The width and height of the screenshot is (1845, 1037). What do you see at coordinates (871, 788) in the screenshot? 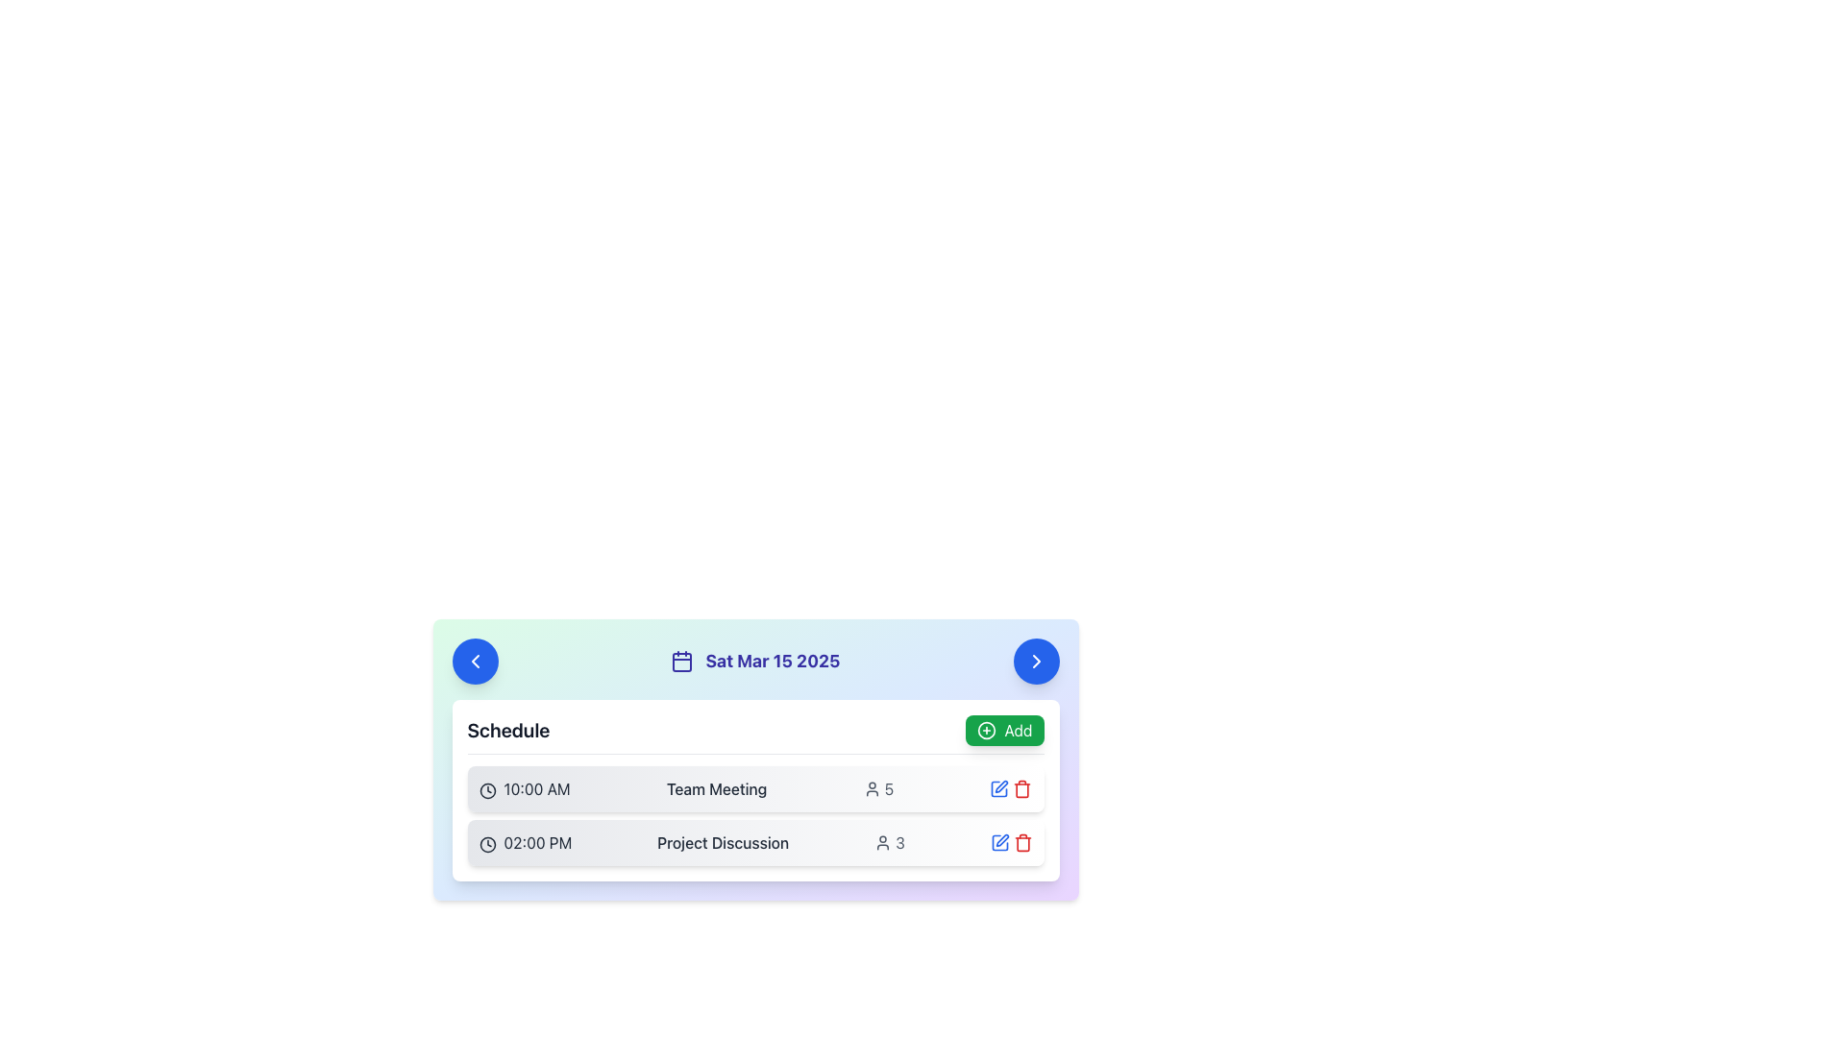
I see `the SVG icon representing participants for the 'Team Meeting' event, located beside the attendee count '5'` at bounding box center [871, 788].